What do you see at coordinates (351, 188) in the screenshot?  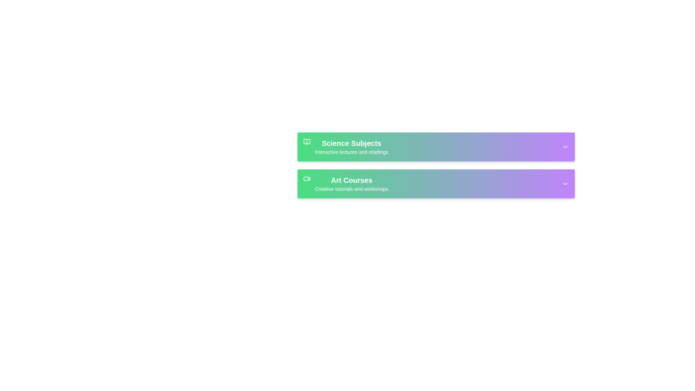 I see `information from the text block located directly underneath the 'Art Courses' title, which provides a descriptive subtitle or additional information about the section` at bounding box center [351, 188].